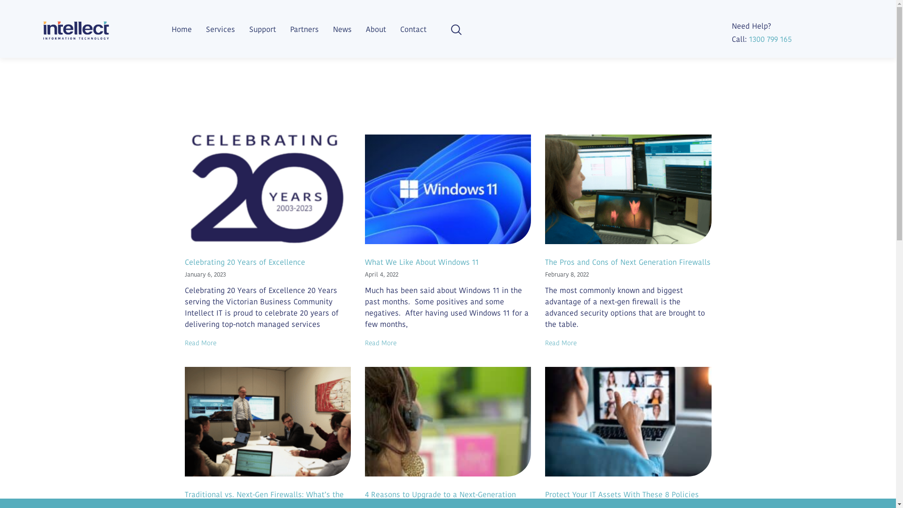 The height and width of the screenshot is (508, 903). What do you see at coordinates (333, 29) in the screenshot?
I see `'News'` at bounding box center [333, 29].